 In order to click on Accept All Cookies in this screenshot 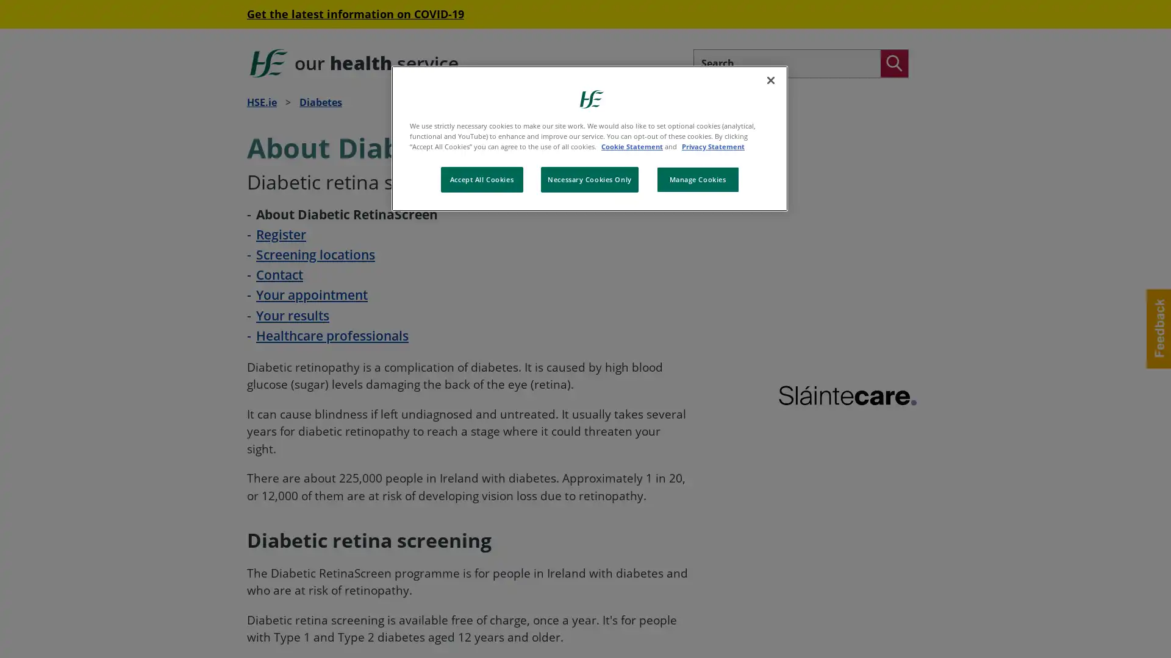, I will do `click(481, 179)`.